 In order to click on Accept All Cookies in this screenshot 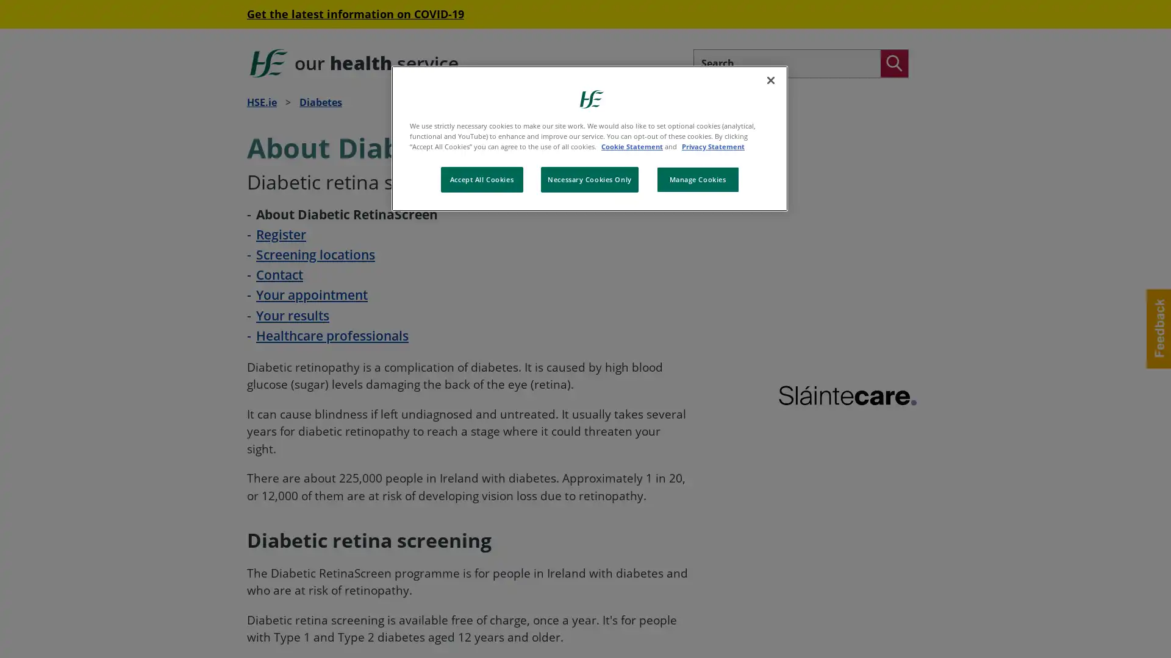, I will do `click(481, 179)`.